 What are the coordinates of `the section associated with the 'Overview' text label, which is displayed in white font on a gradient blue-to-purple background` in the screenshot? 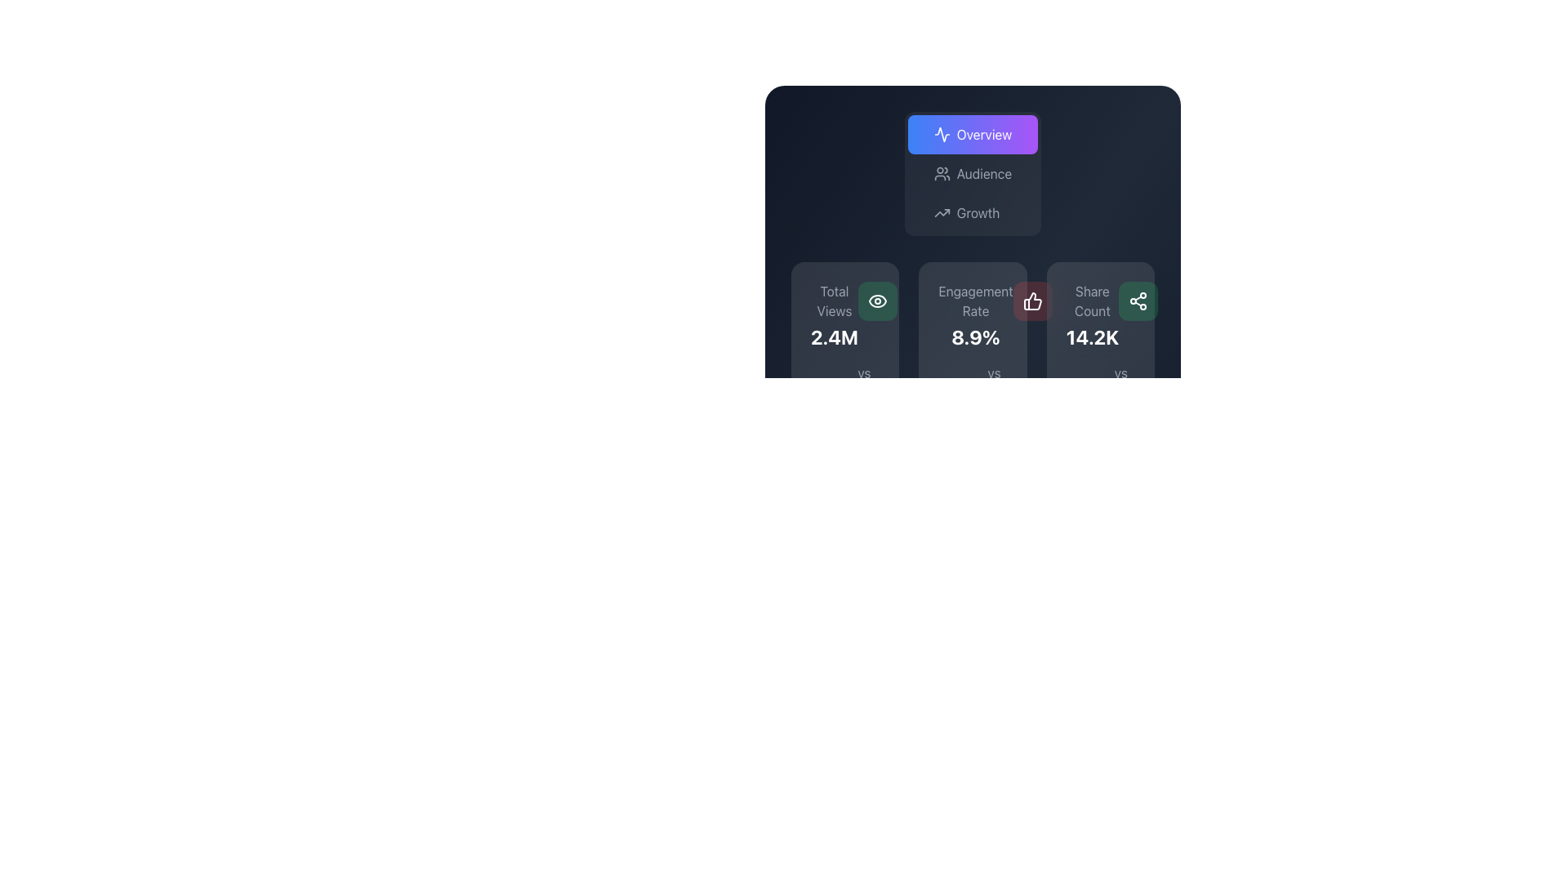 It's located at (983, 134).